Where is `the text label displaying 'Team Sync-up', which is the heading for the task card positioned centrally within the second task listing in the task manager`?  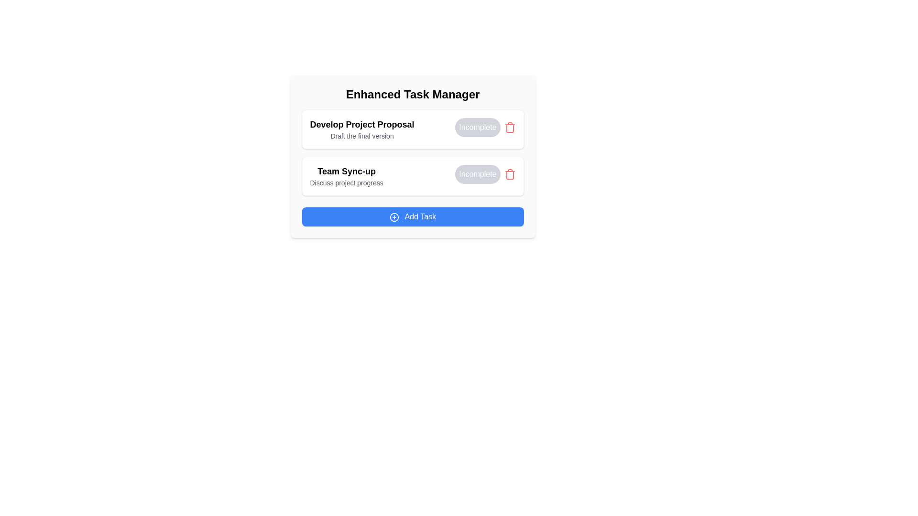
the text label displaying 'Team Sync-up', which is the heading for the task card positioned centrally within the second task listing in the task manager is located at coordinates (346, 171).